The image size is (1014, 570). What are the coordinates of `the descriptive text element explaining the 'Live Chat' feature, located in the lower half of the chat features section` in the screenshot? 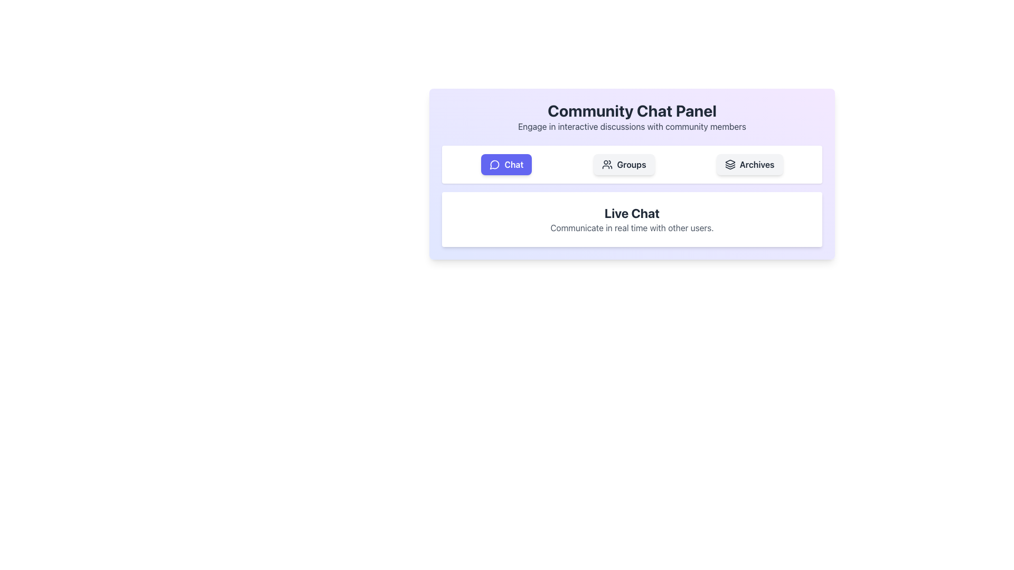 It's located at (632, 227).